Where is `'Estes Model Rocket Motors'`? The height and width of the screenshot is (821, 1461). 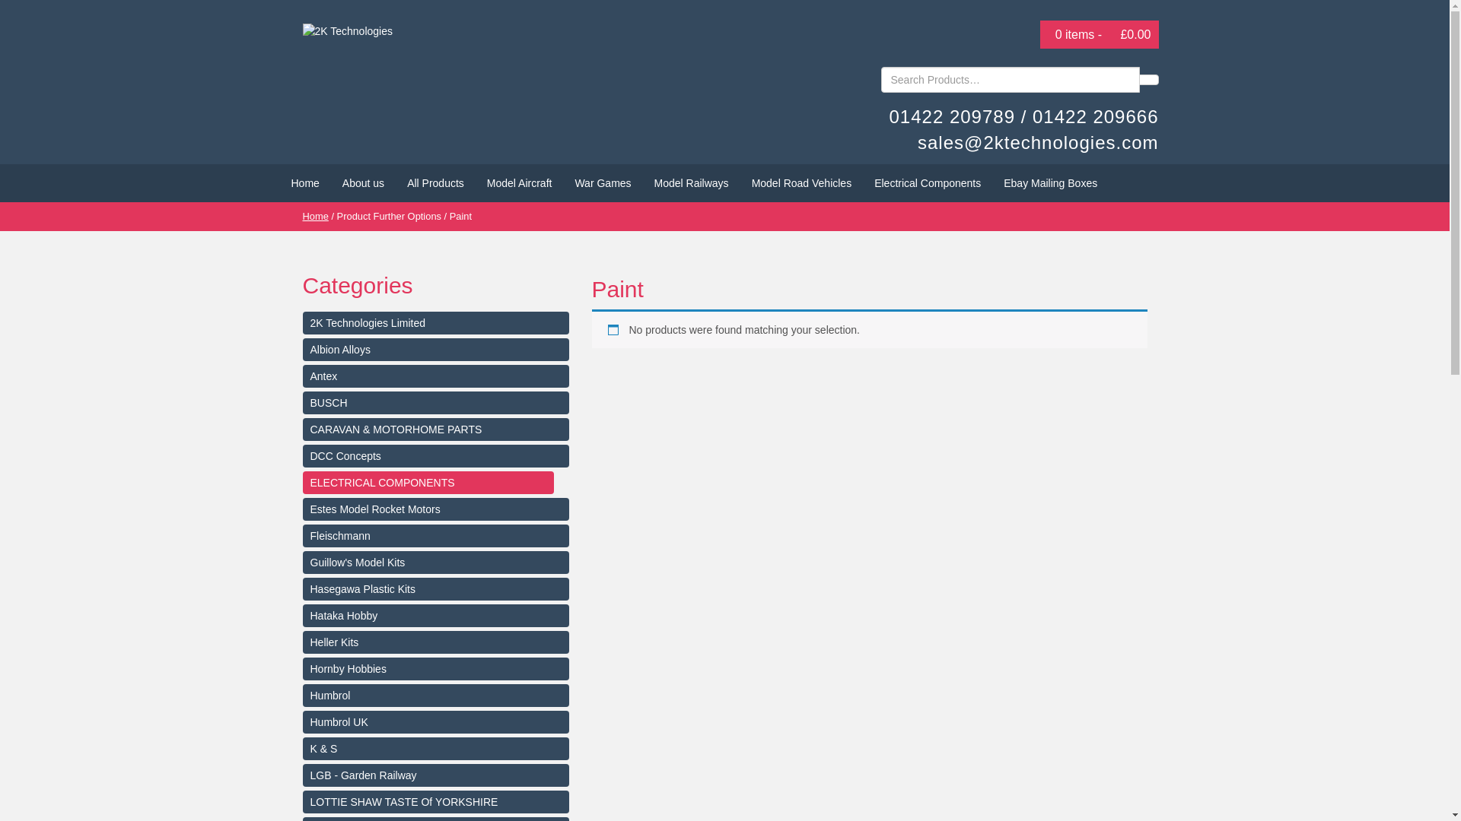 'Estes Model Rocket Motors' is located at coordinates (434, 509).